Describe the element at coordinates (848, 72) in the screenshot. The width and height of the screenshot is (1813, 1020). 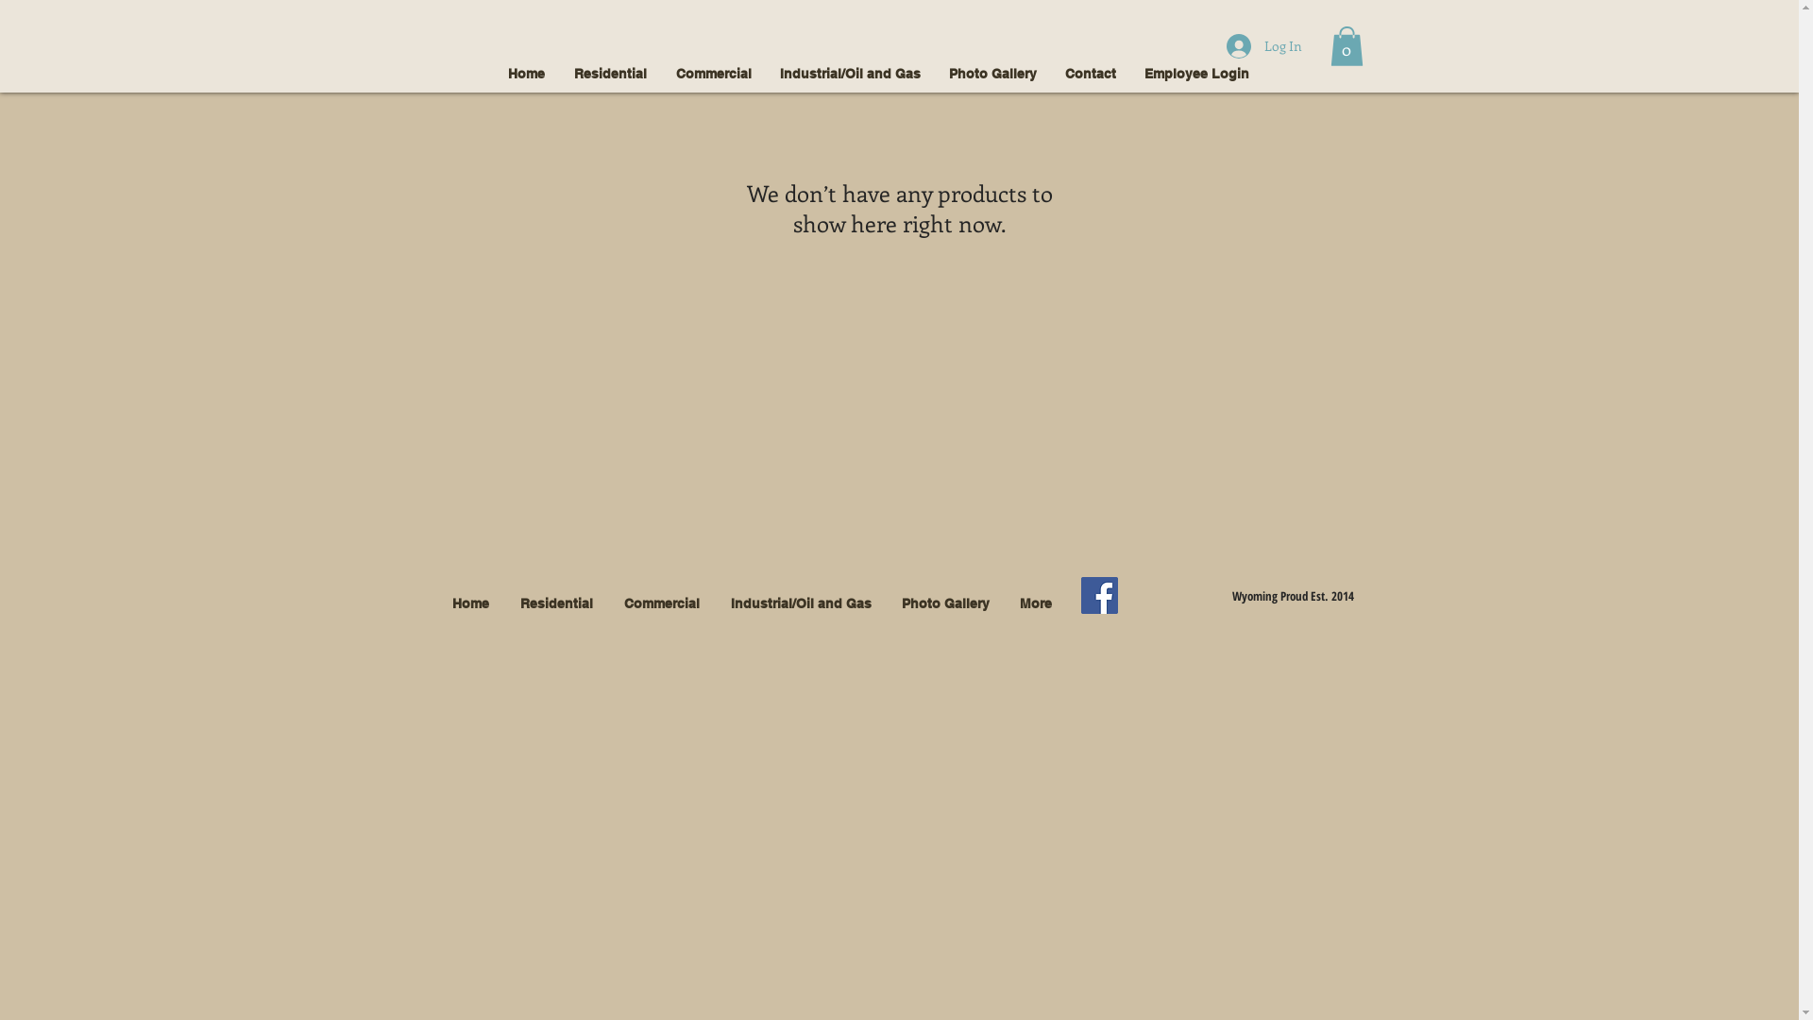
I see `'Industrial/Oil and Gas'` at that location.